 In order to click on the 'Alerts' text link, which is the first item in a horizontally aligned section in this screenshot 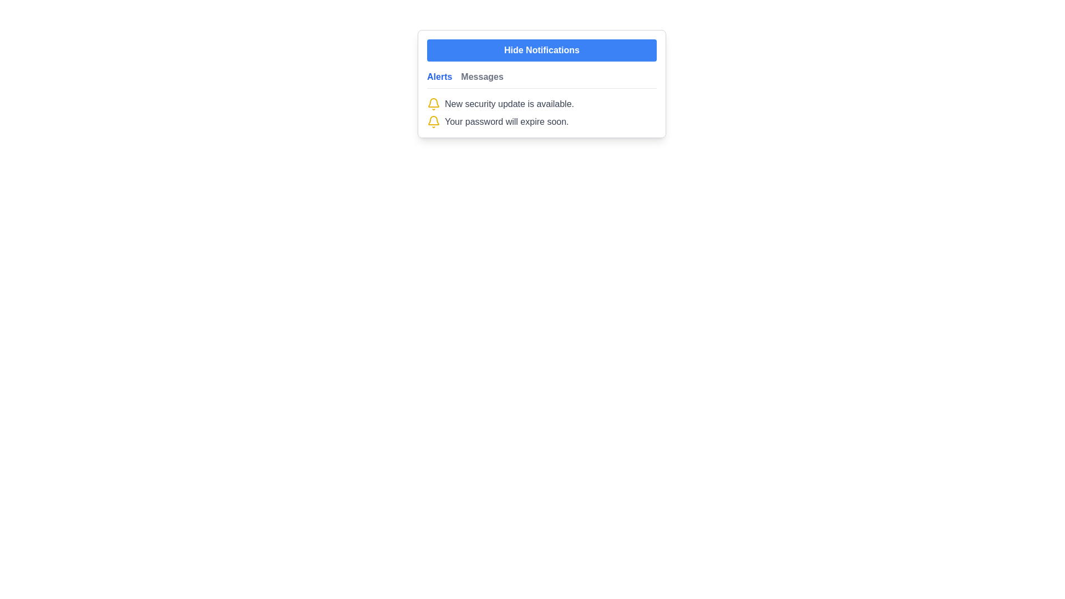, I will do `click(439, 76)`.